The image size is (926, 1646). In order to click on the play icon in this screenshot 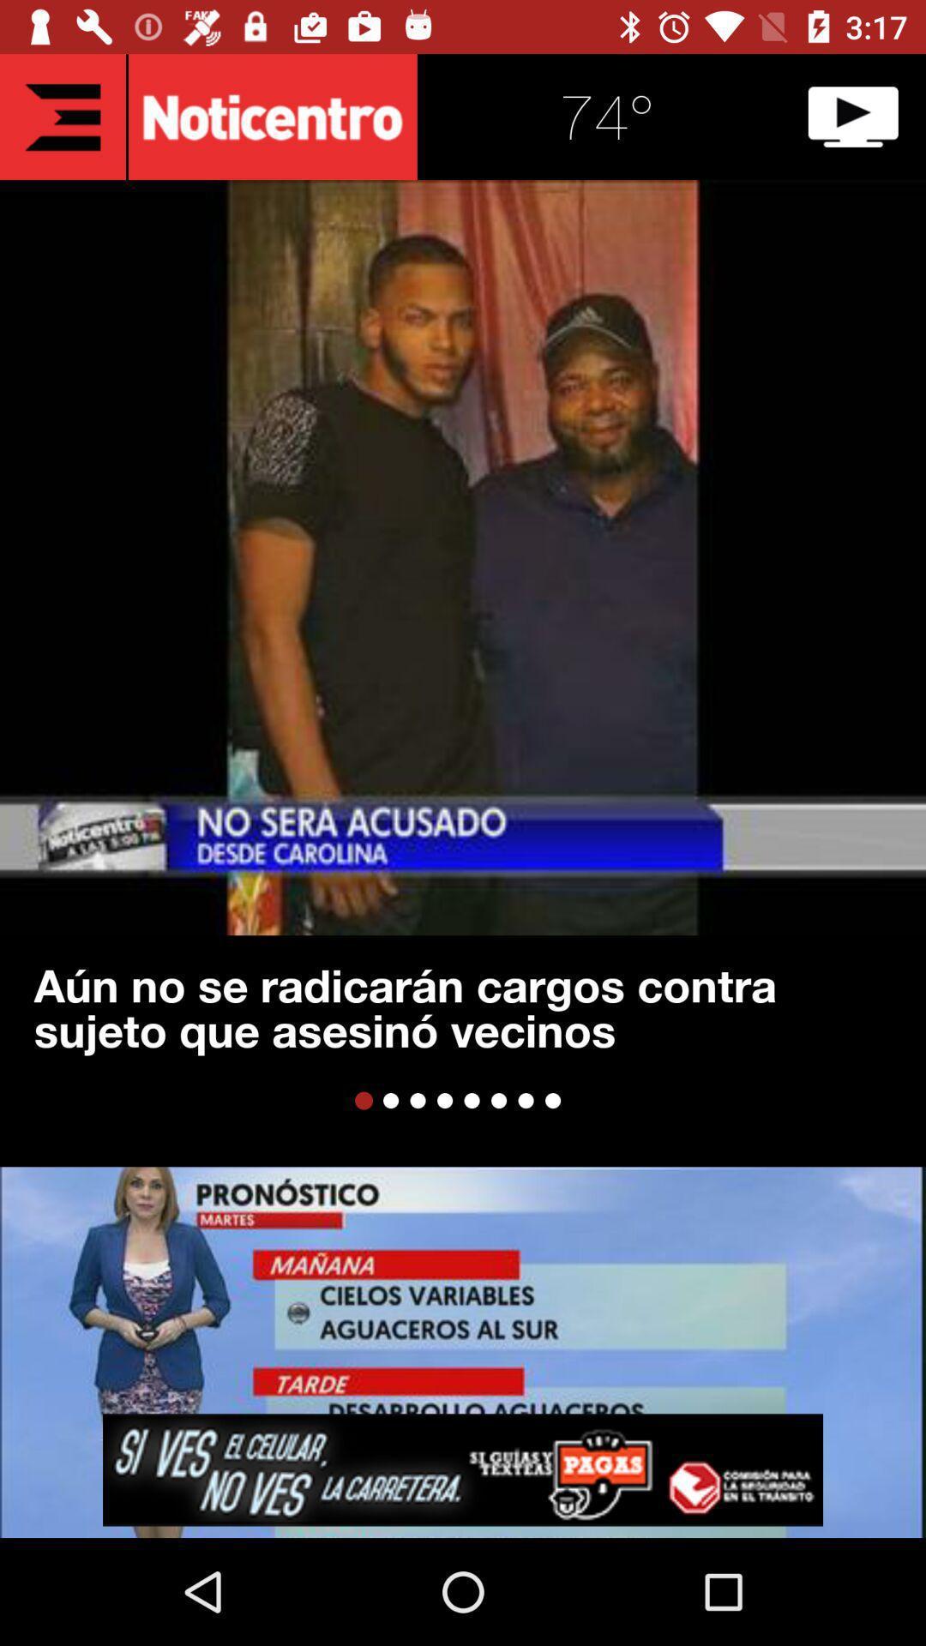, I will do `click(853, 116)`.